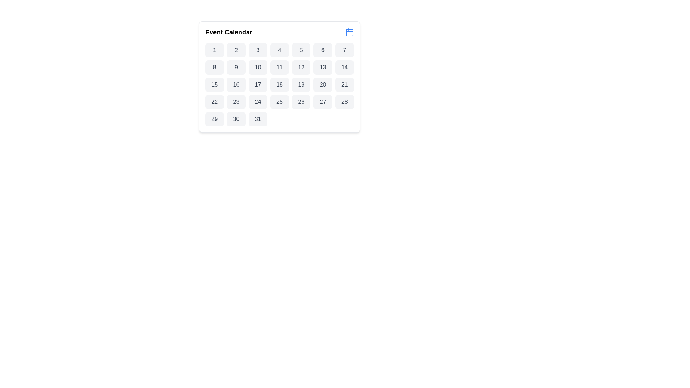 This screenshot has width=690, height=388. I want to click on the button displaying the number '8' in a dark gray font, which has a light gray background and is positioned as the eighth tile in the grid layout of selectable dates, so click(214, 68).